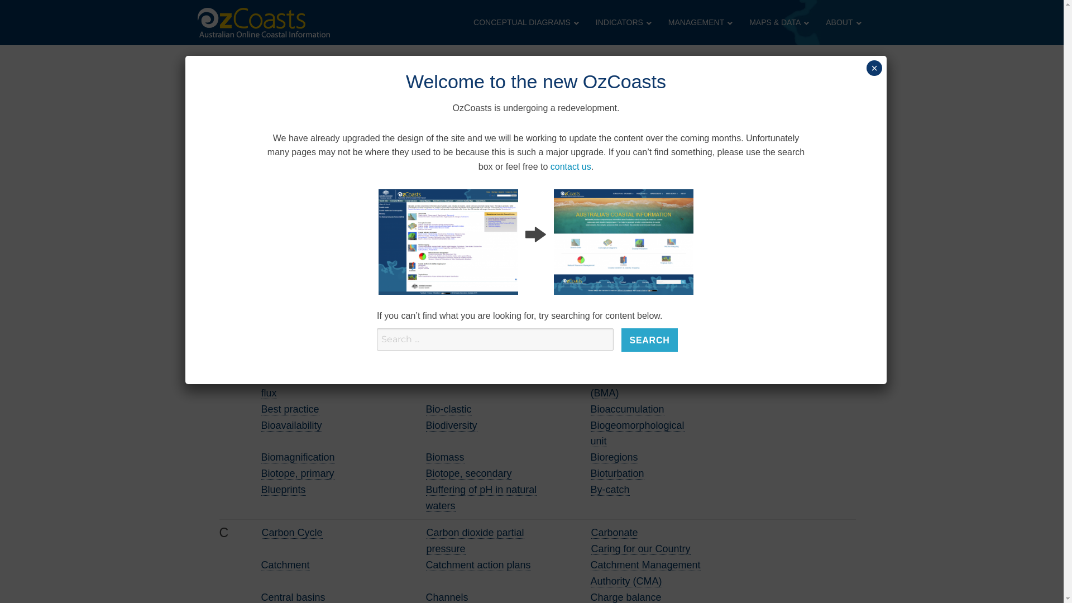 The width and height of the screenshot is (1072, 603). What do you see at coordinates (616, 473) in the screenshot?
I see `'Bioturbation'` at bounding box center [616, 473].